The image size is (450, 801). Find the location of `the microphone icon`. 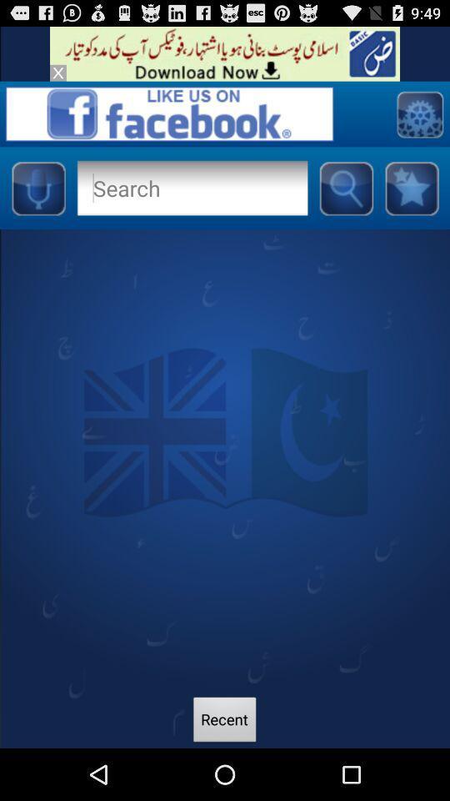

the microphone icon is located at coordinates (37, 200).